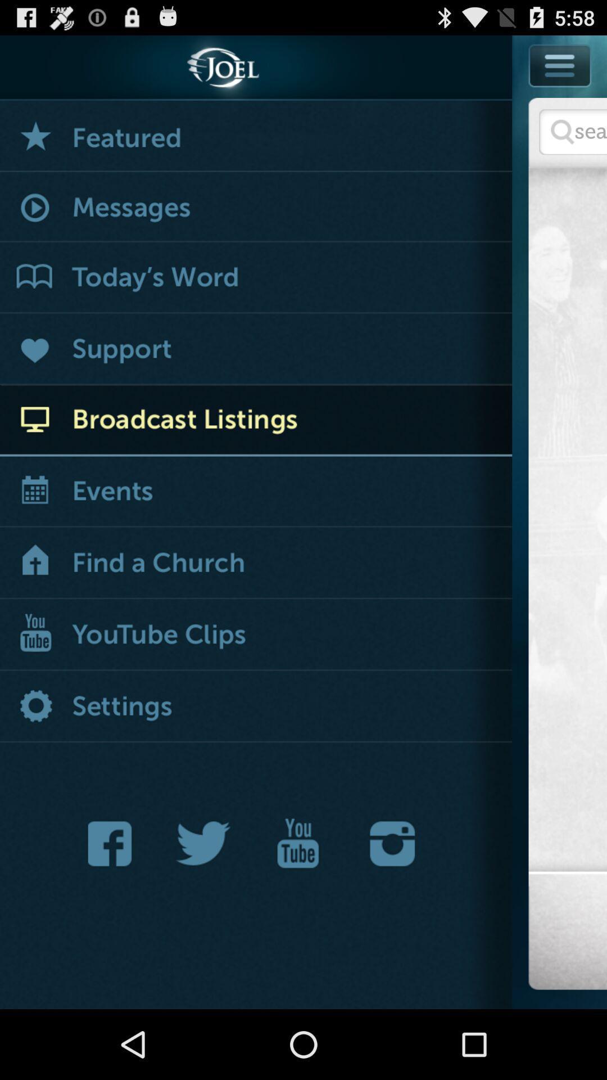 This screenshot has width=607, height=1080. What do you see at coordinates (256, 706) in the screenshot?
I see `settings` at bounding box center [256, 706].